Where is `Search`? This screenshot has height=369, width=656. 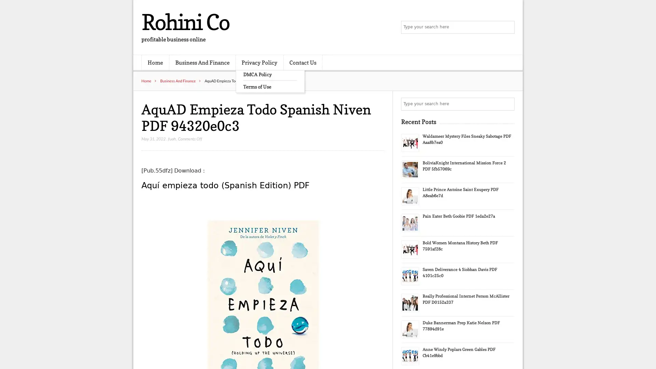 Search is located at coordinates (507, 104).